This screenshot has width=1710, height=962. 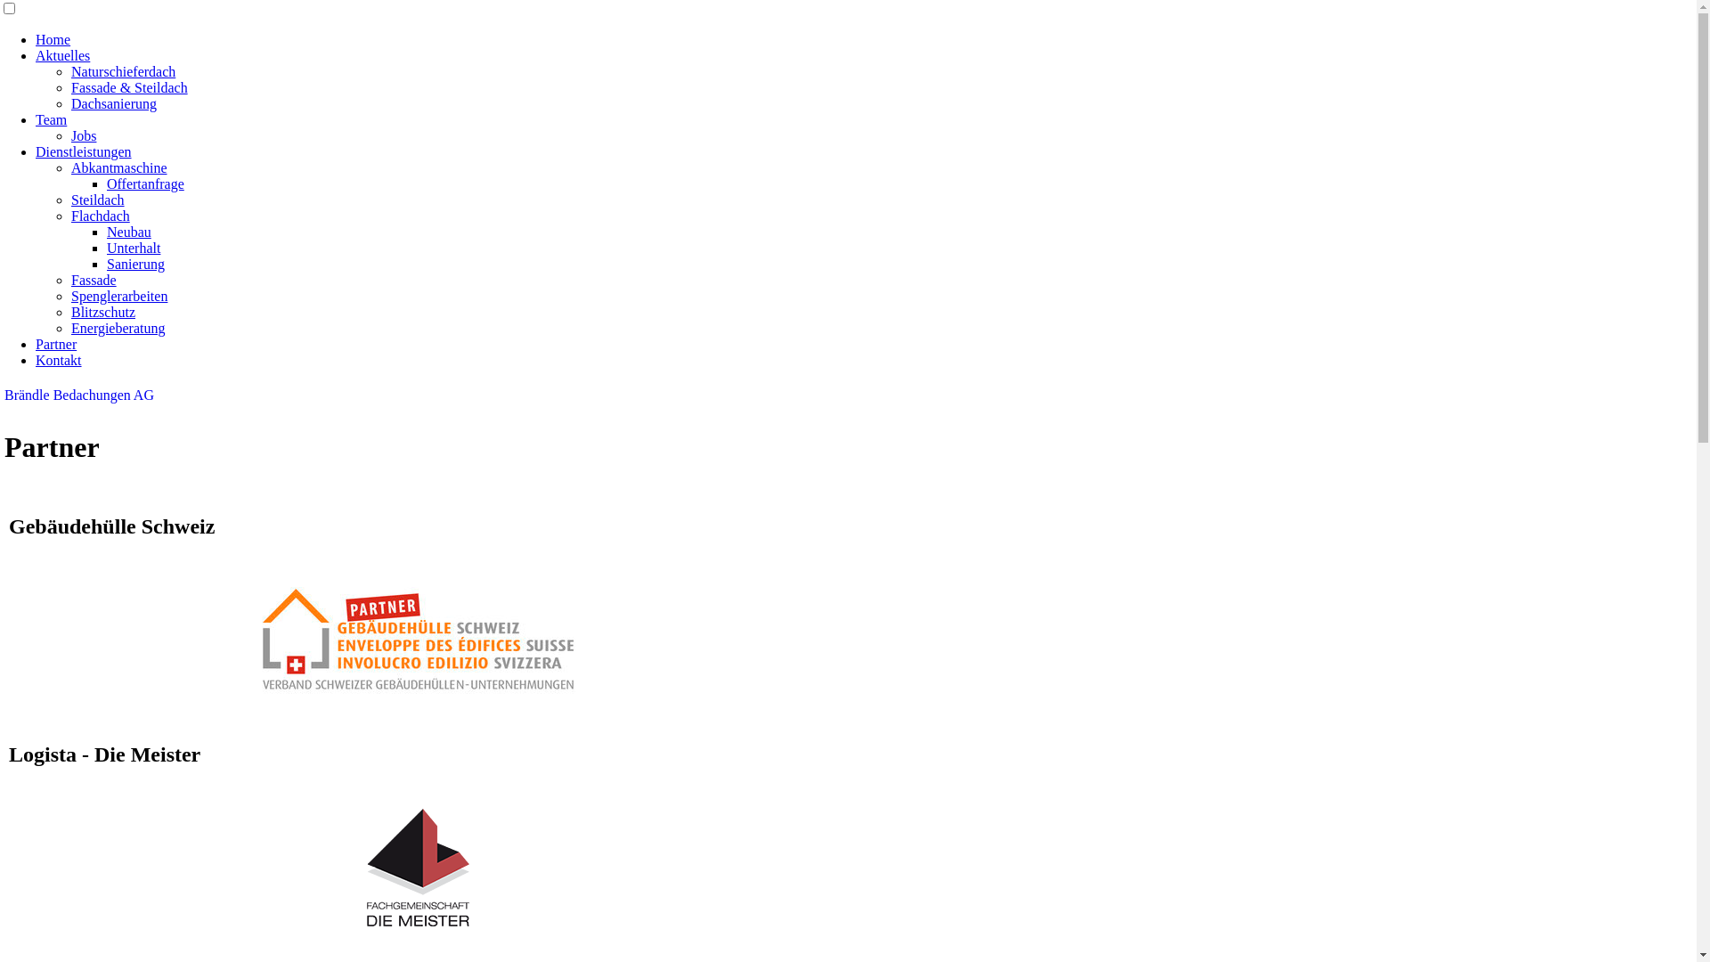 What do you see at coordinates (134, 264) in the screenshot?
I see `'Sanierung'` at bounding box center [134, 264].